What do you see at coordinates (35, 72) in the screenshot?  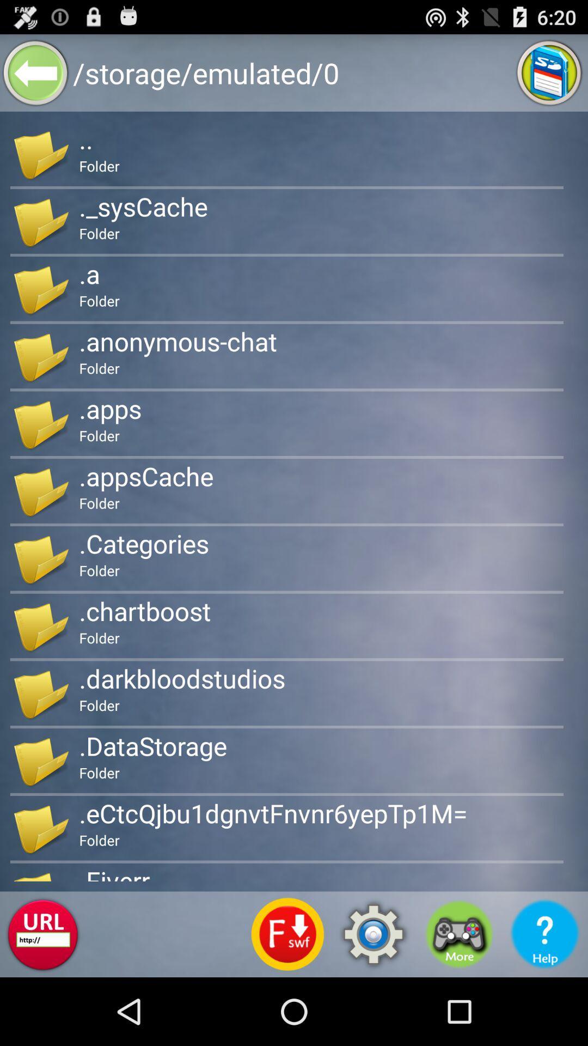 I see `app next to the /storage/emulated/0 icon` at bounding box center [35, 72].